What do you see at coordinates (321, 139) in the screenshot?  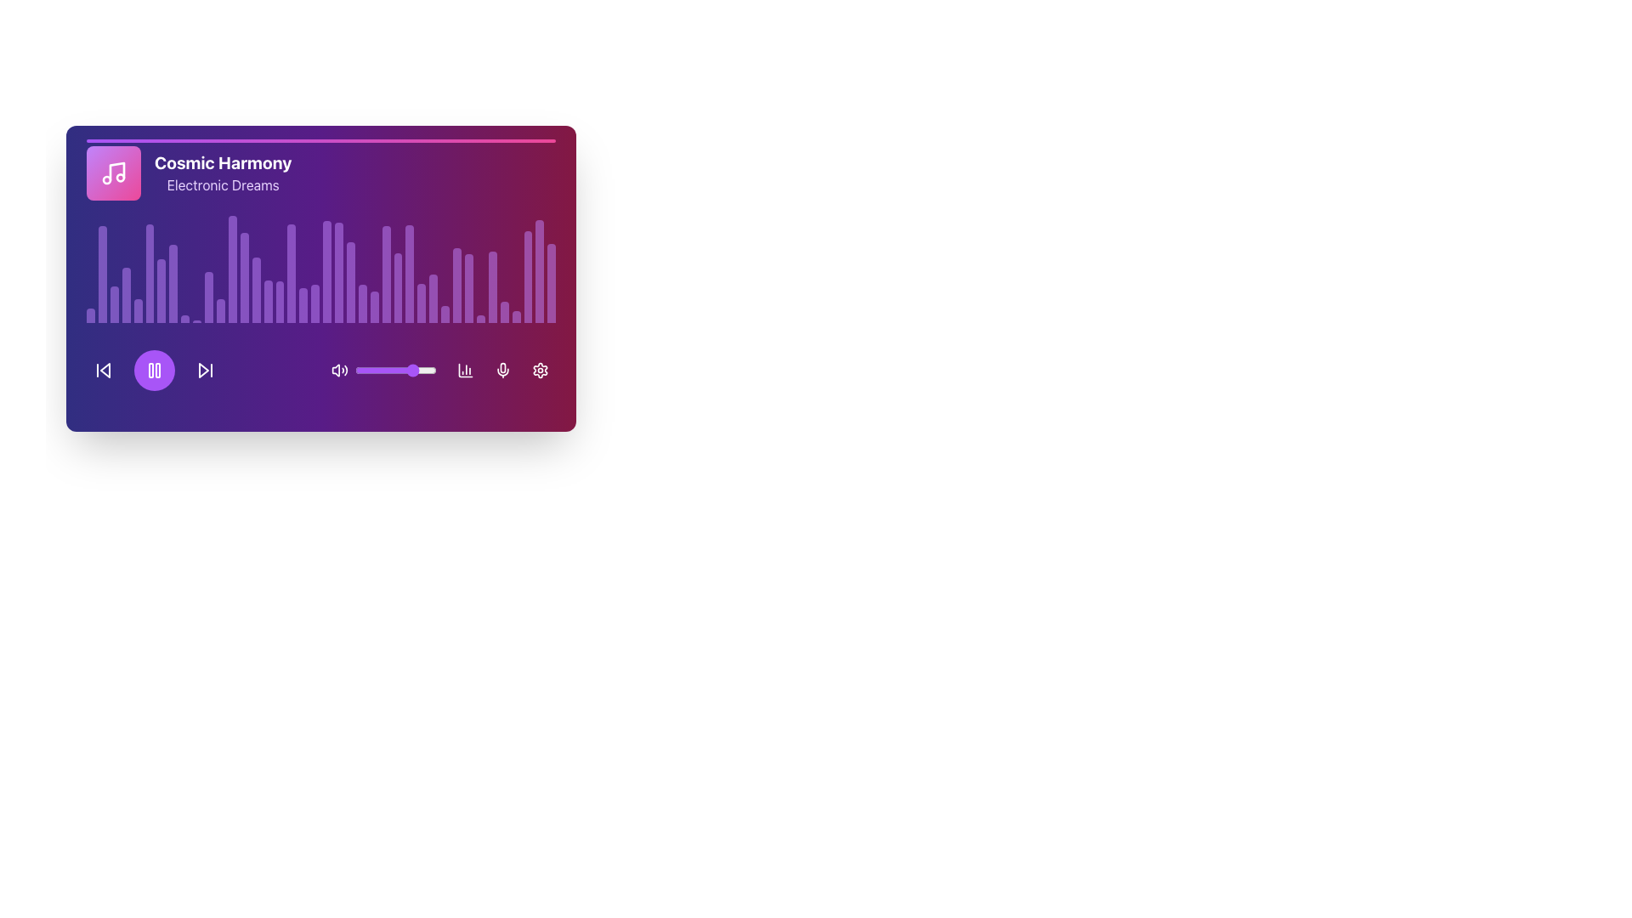 I see `the Decorative bar positioned at the top of the music player card` at bounding box center [321, 139].